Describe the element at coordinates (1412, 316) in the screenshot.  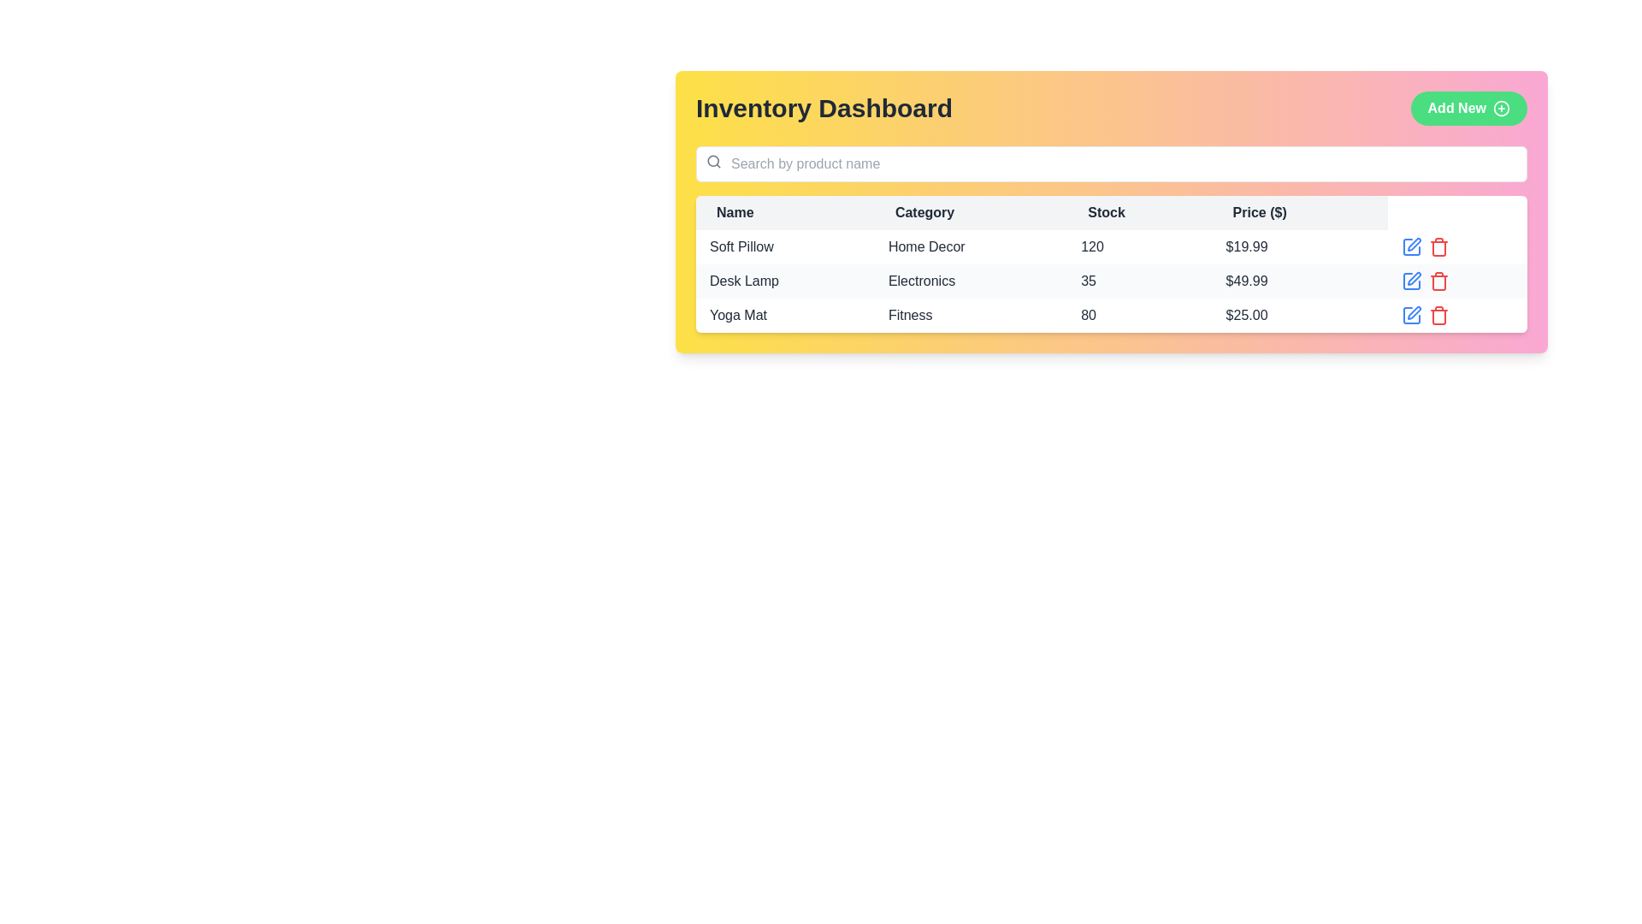
I see `the pen icon located in the last row of the table, near the 'Yoga Mat' row and adjacent to the trash bin icon` at that location.